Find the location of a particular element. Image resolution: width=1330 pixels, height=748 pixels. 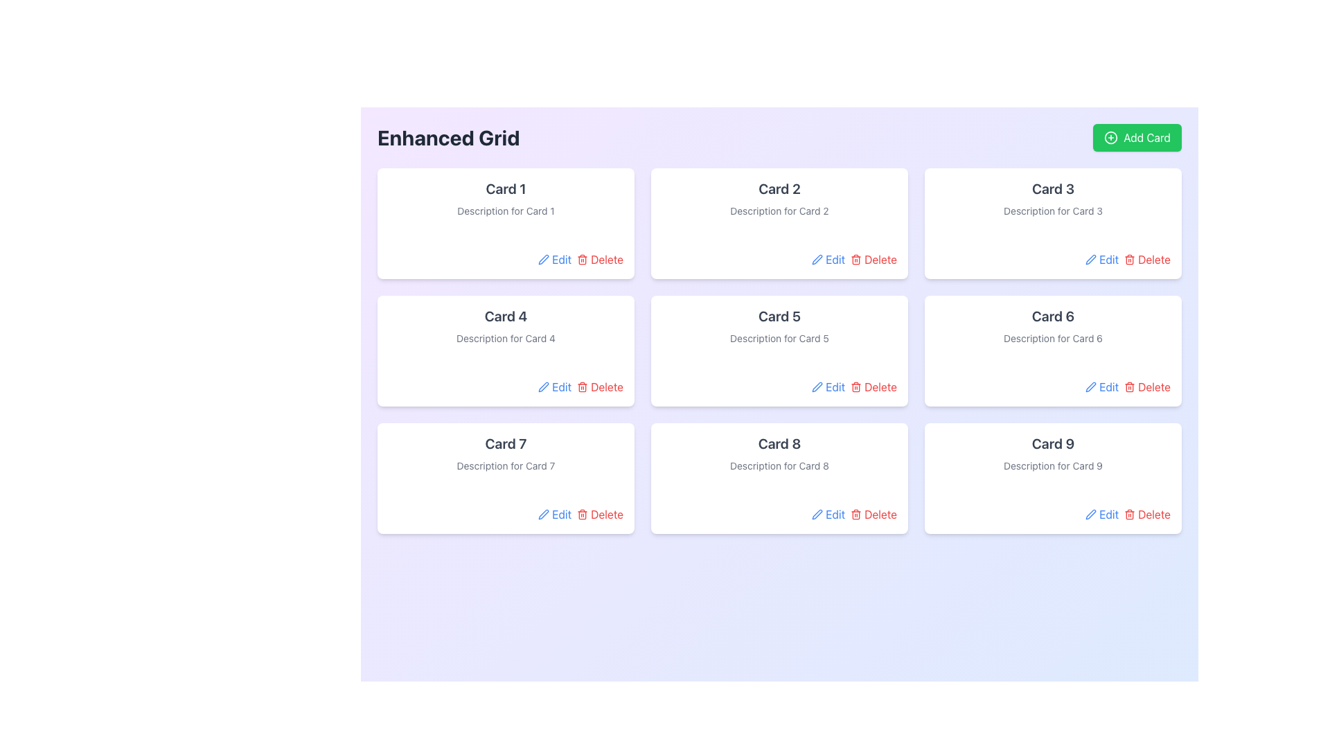

the 'Delete' button, which is the second button in the action row for 'Card 6' is located at coordinates (1147, 387).